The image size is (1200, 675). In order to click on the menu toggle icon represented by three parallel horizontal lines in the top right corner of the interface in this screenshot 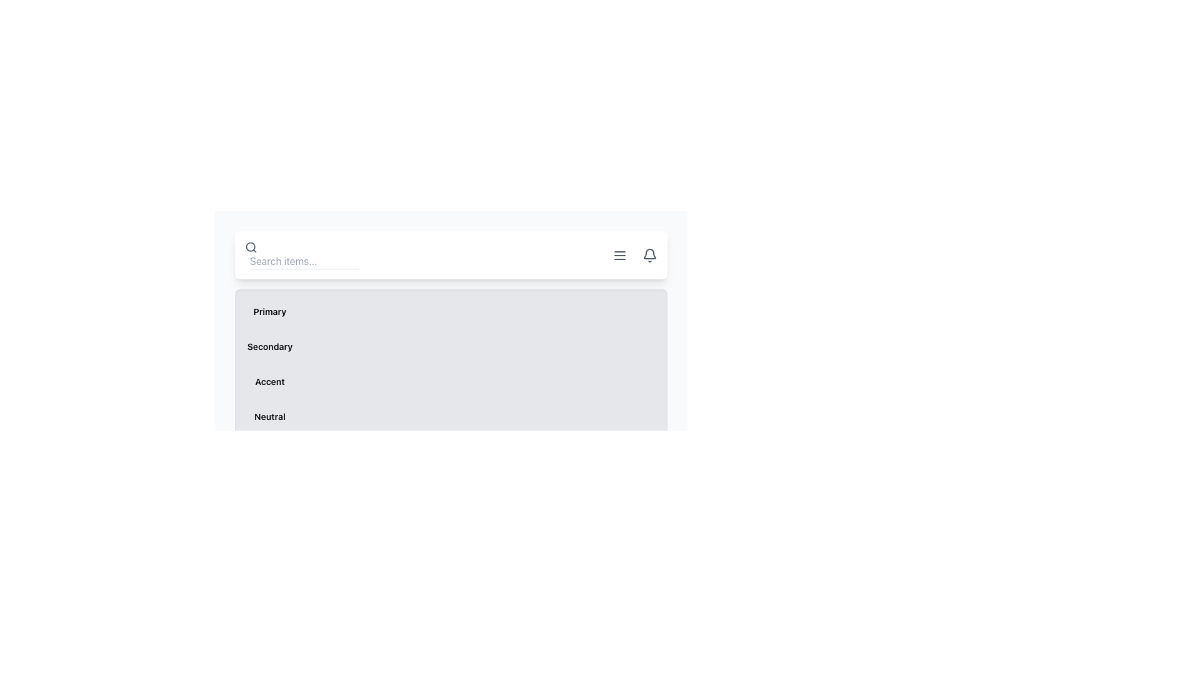, I will do `click(620, 254)`.